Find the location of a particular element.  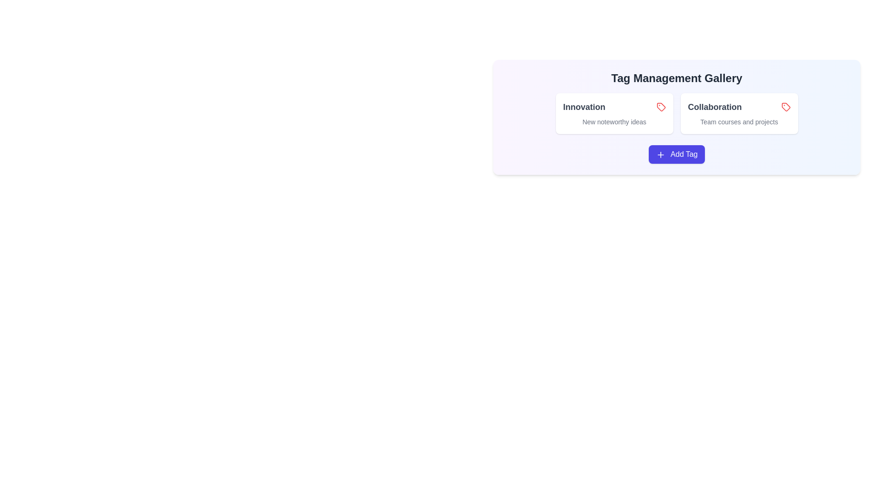

the button located in the 'Tag Management Gallery' section, positioned below the 'Innovation' and 'Collaboration' tag cards is located at coordinates (677, 154).